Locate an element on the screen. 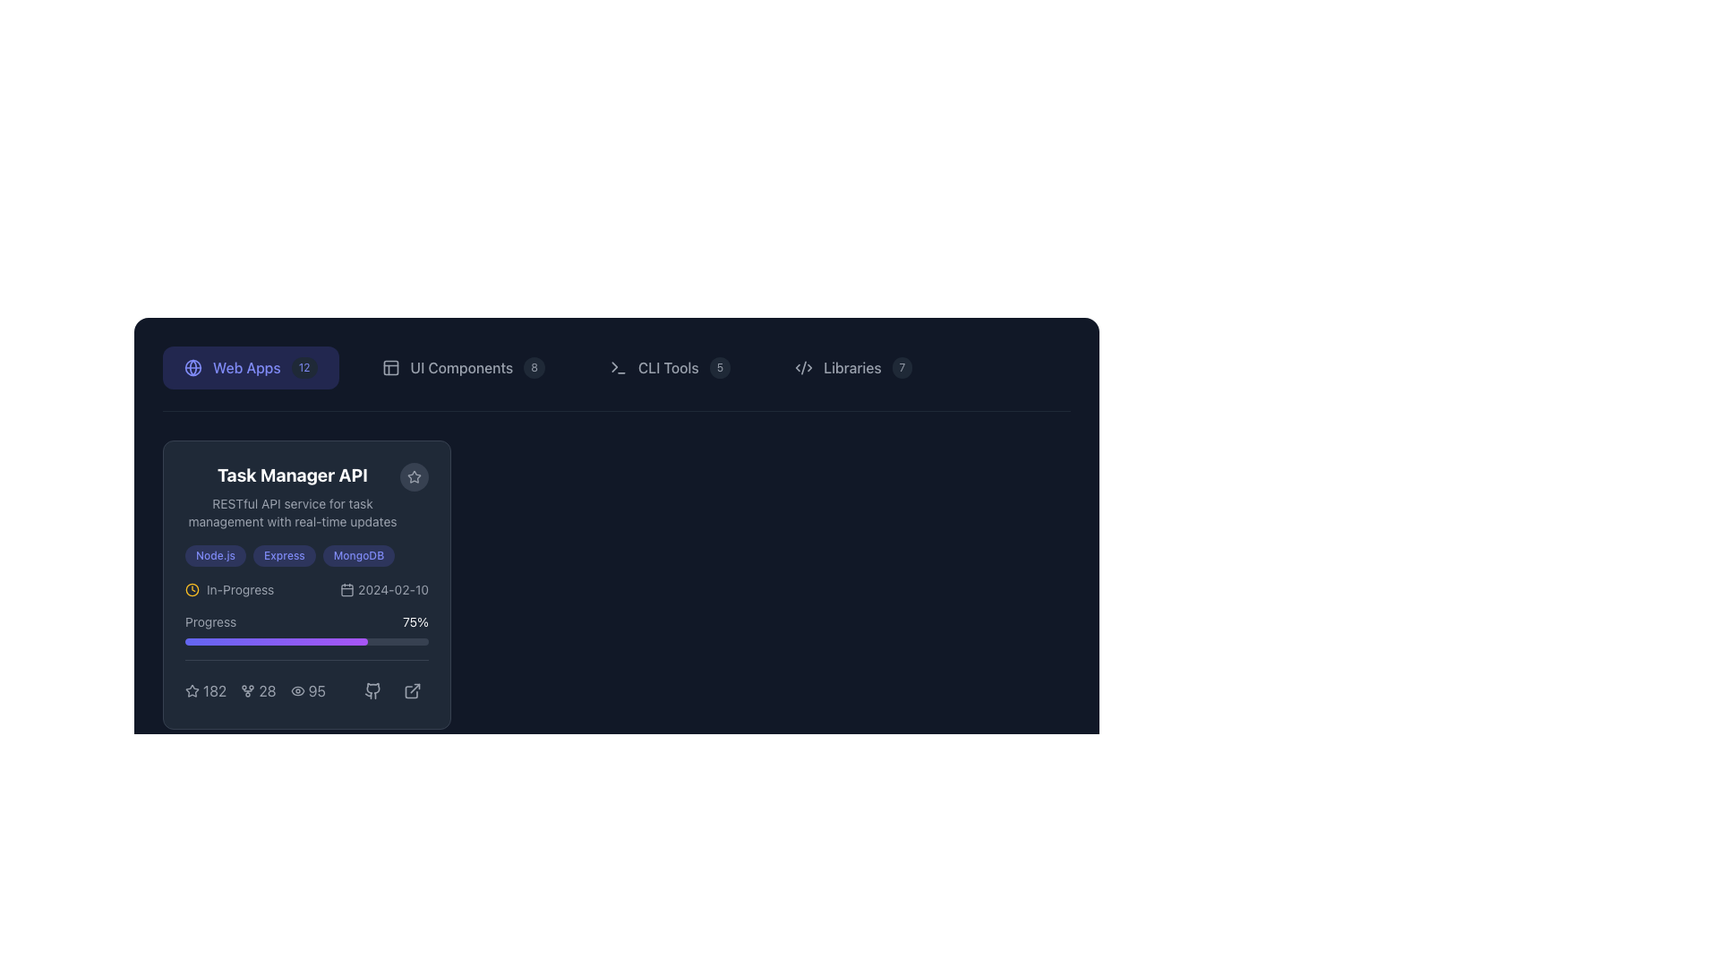 This screenshot has height=967, width=1719. text label for the section named 'CLI Tools' located in the horizontal navigation bar, positioned between a terminal icon and a rounded badge displaying the number '5' is located at coordinates (667, 367).